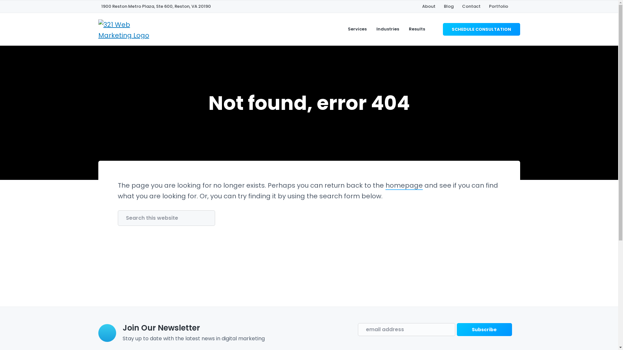 Image resolution: width=623 pixels, height=350 pixels. I want to click on '321 Web Marketing', so click(101, 82).